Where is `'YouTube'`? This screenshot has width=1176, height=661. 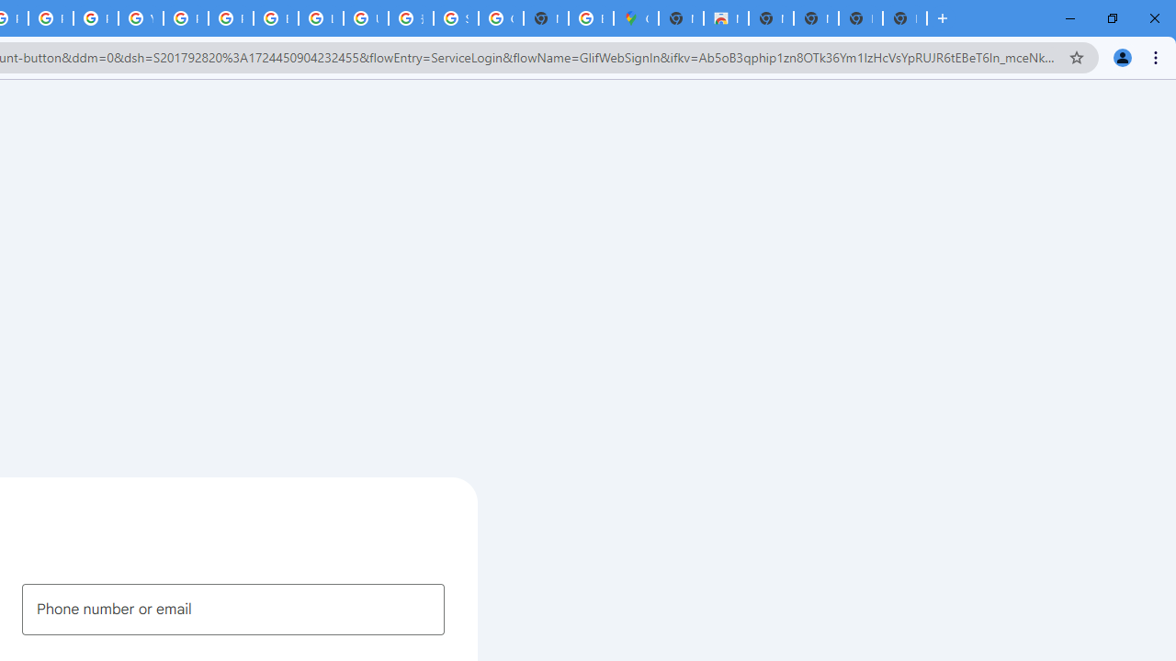 'YouTube' is located at coordinates (140, 18).